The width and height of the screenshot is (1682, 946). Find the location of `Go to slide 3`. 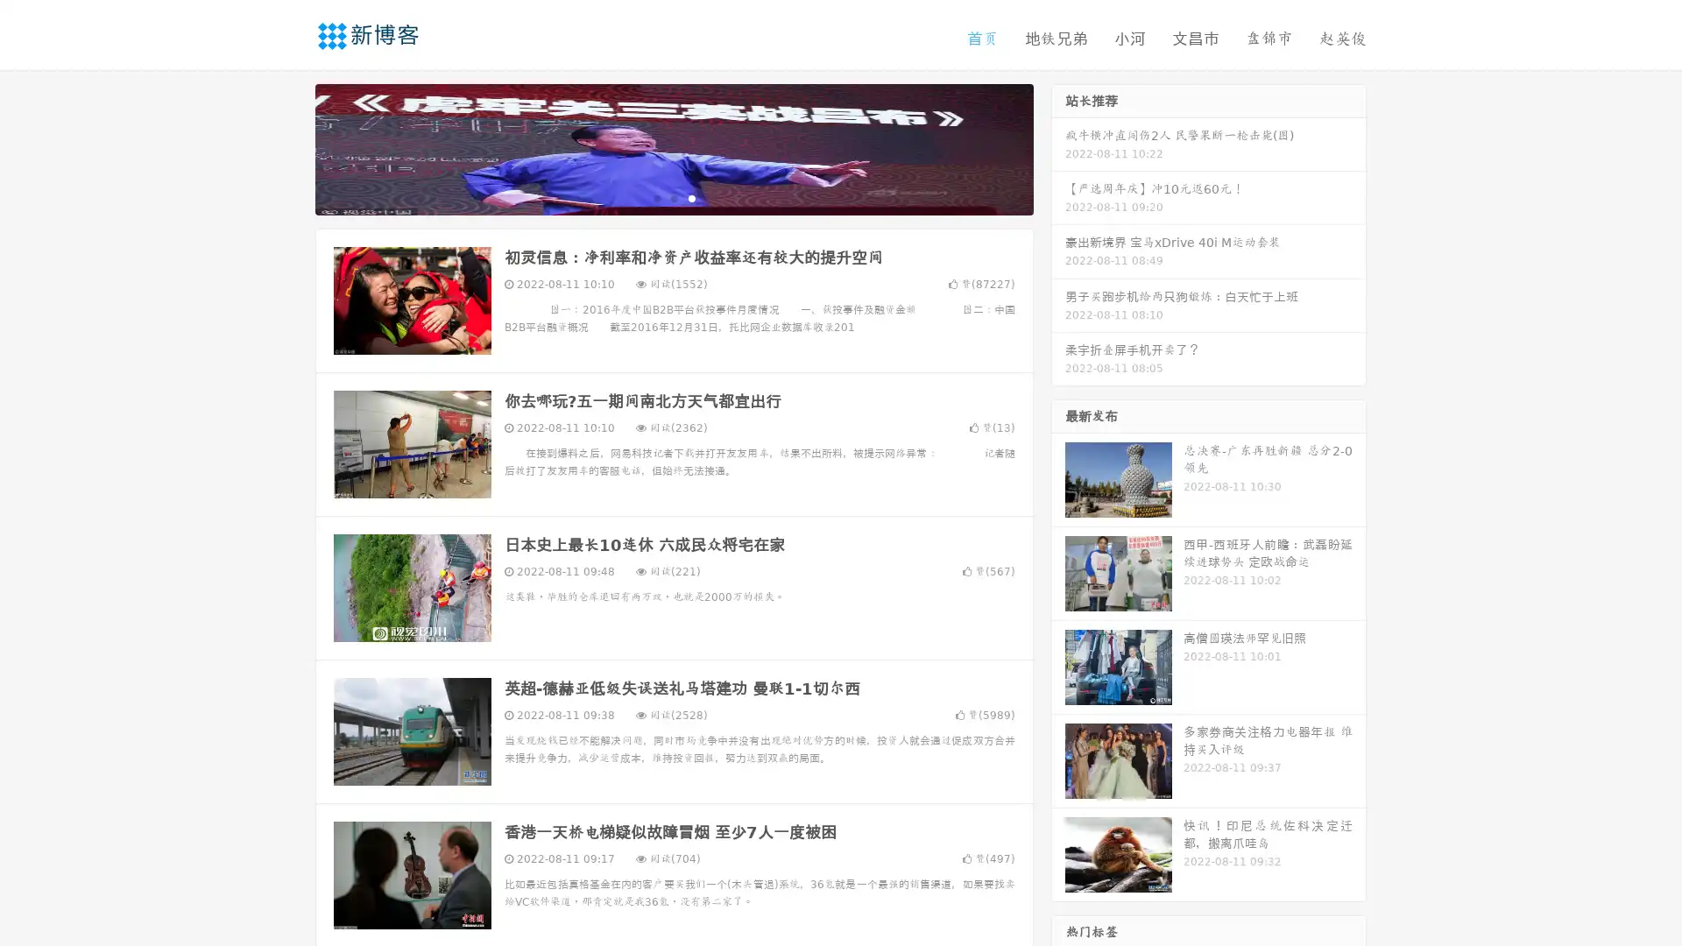

Go to slide 3 is located at coordinates (691, 197).